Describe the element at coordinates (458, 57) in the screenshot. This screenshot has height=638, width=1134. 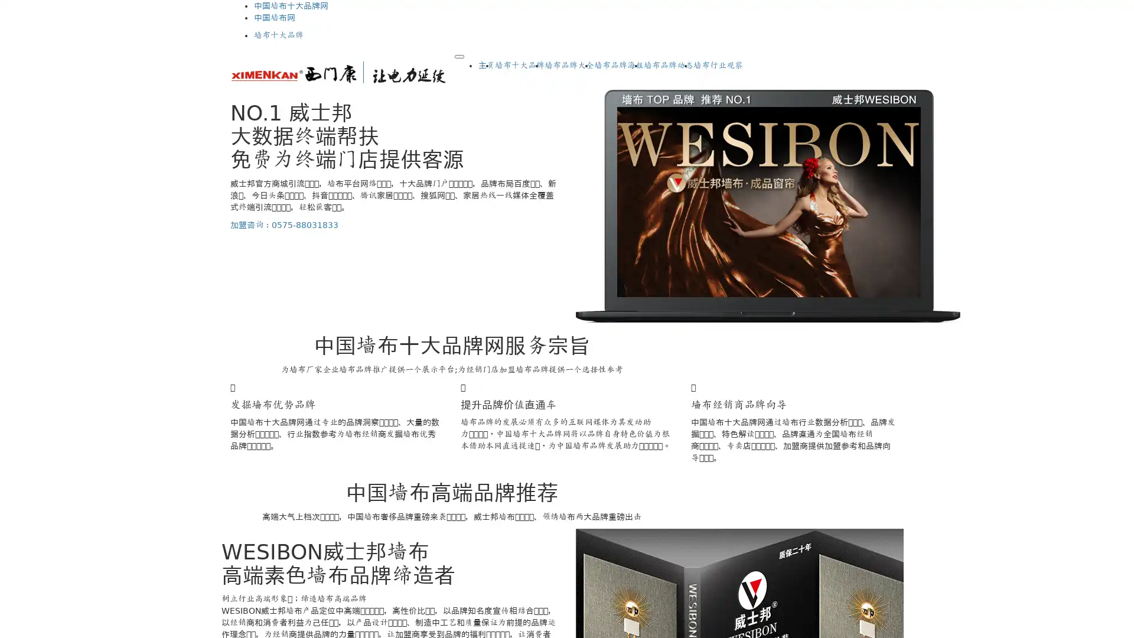
I see `Toggle navigation` at that location.